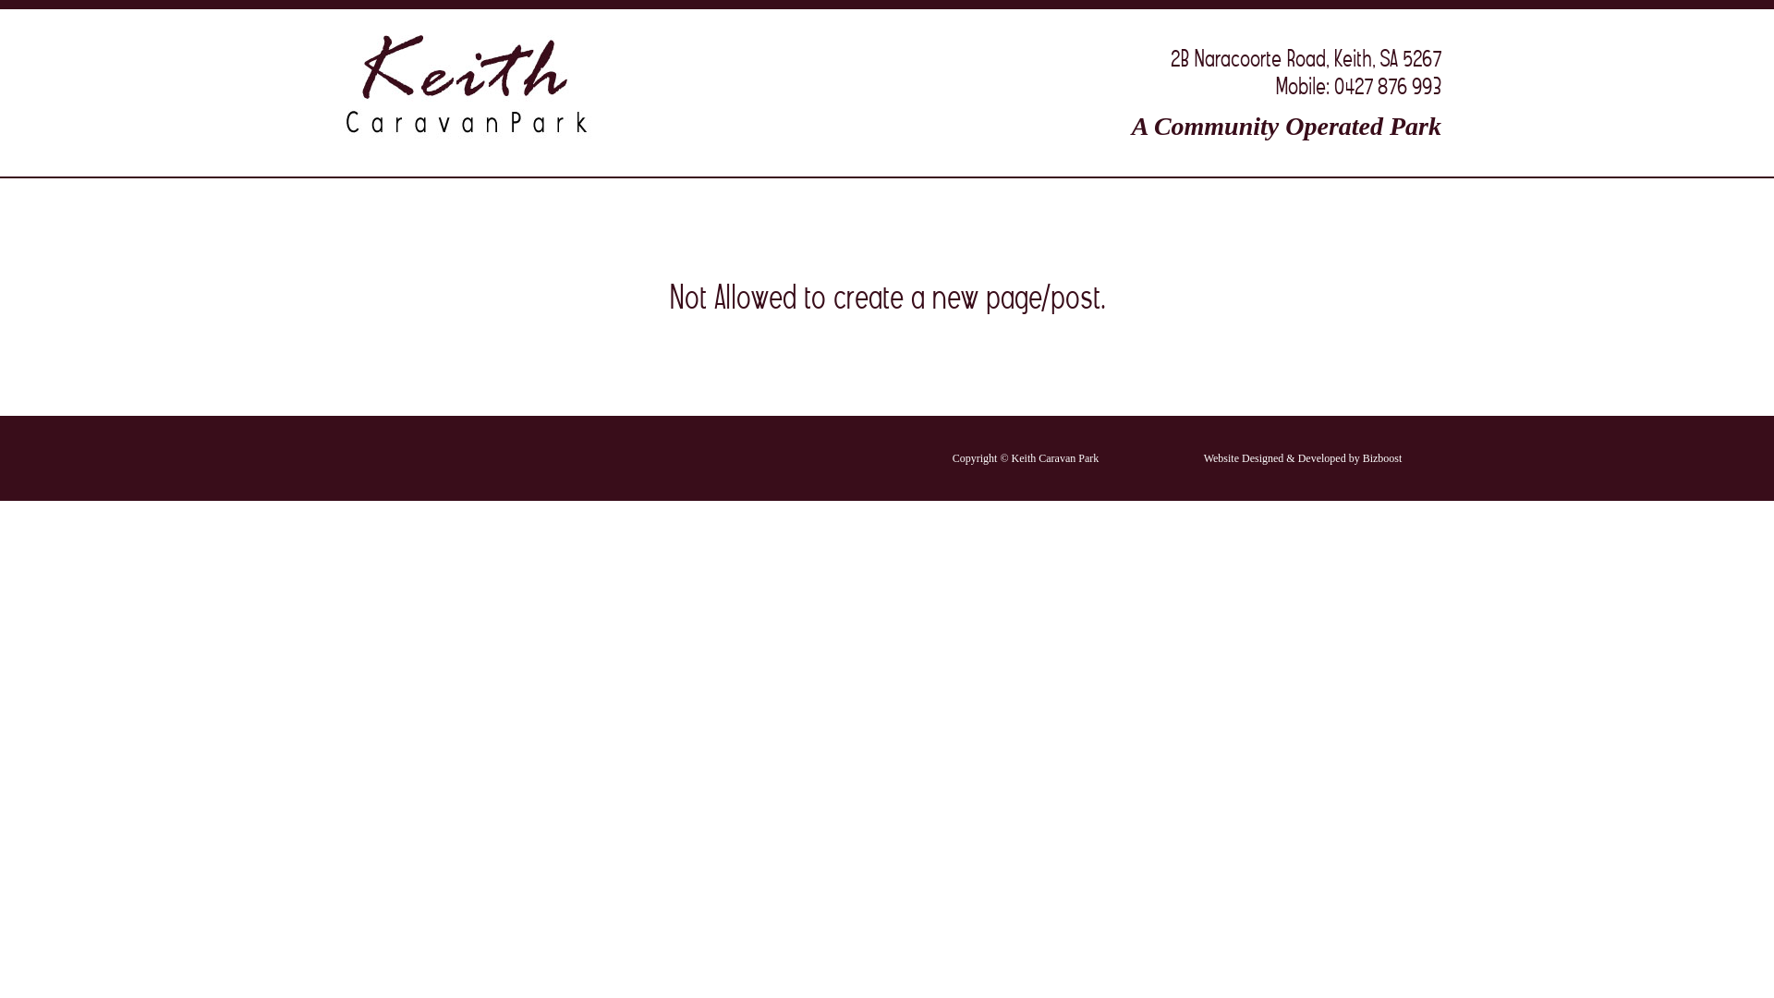  Describe the element at coordinates (498, 85) in the screenshot. I see `'Keith Caravan Park'` at that location.